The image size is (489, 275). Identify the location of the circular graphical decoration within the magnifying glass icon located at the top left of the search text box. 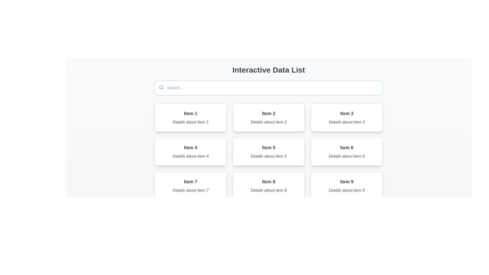
(161, 87).